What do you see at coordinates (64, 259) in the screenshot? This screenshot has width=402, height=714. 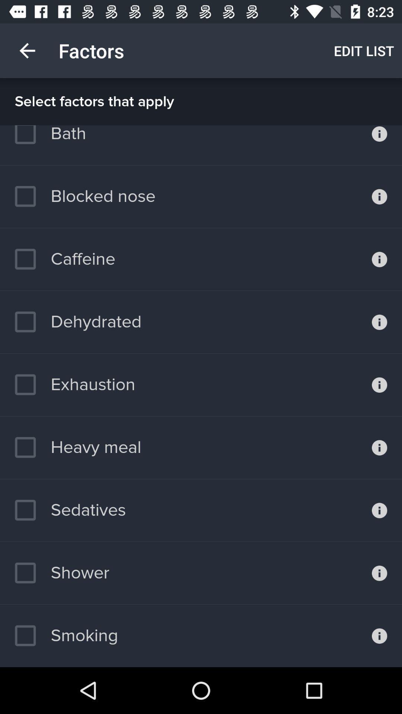 I see `caffeine item` at bounding box center [64, 259].